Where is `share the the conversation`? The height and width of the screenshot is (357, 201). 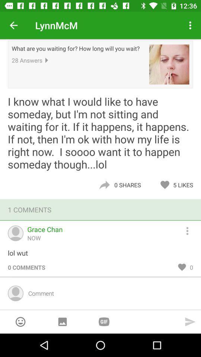 share the the conversation is located at coordinates (104, 184).